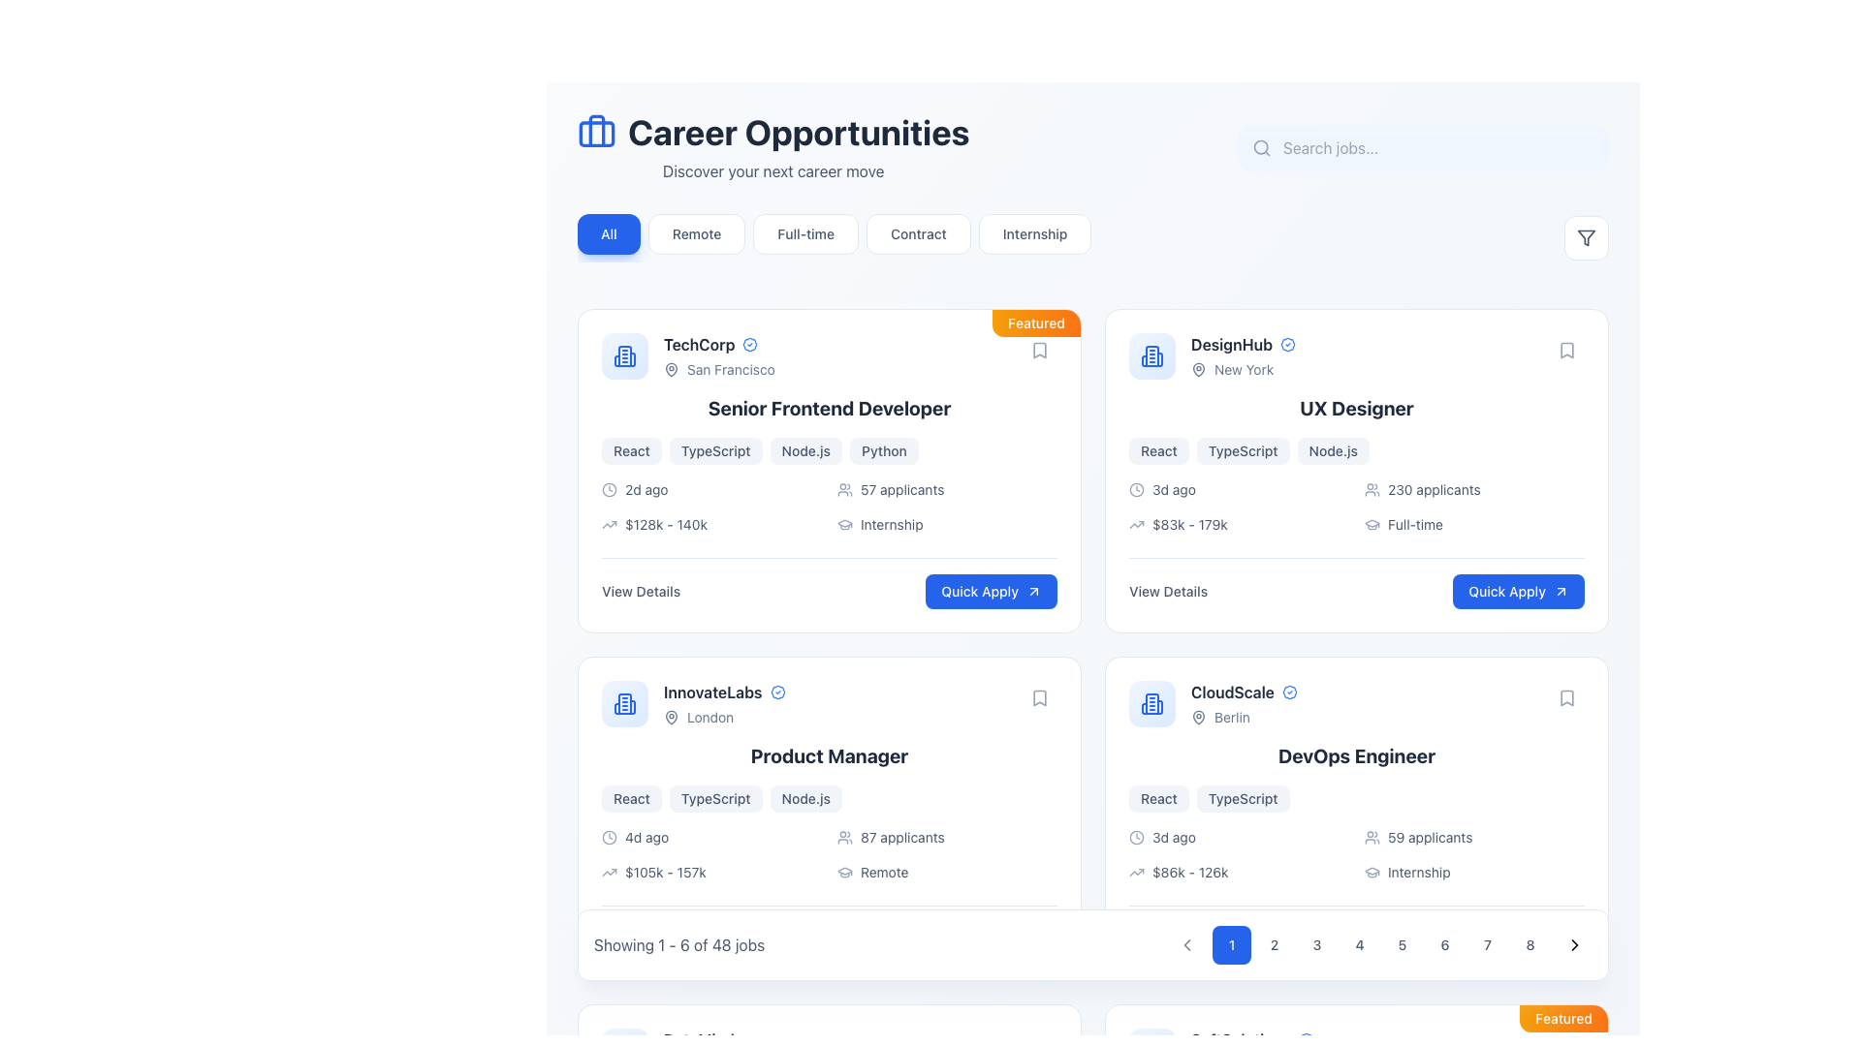 Image resolution: width=1861 pixels, height=1046 pixels. I want to click on the SVG icon representing an upward trend line in the salary label section of the 'Senior Frontend Developer' job card from TechCorp, which precedes the text '$128k - 140k', so click(608, 525).